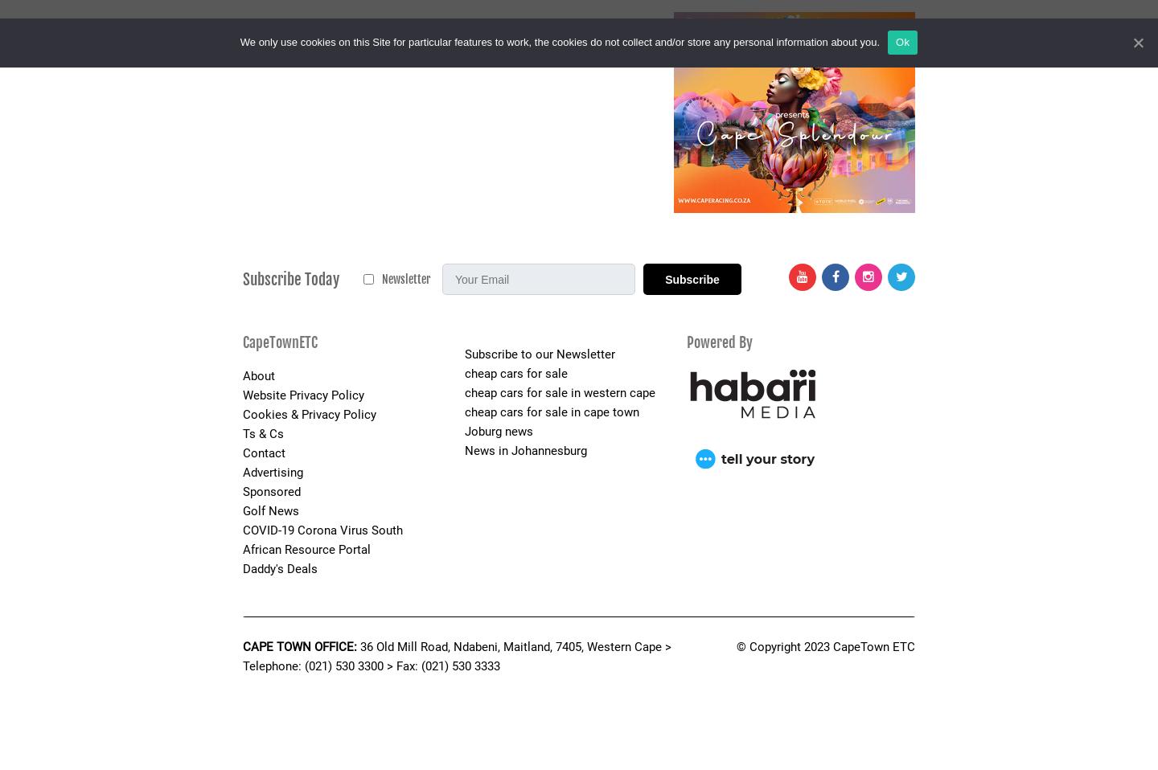 The image size is (1158, 770). Describe the element at coordinates (300, 645) in the screenshot. I see `'CAPE TOWN OFFICE:'` at that location.